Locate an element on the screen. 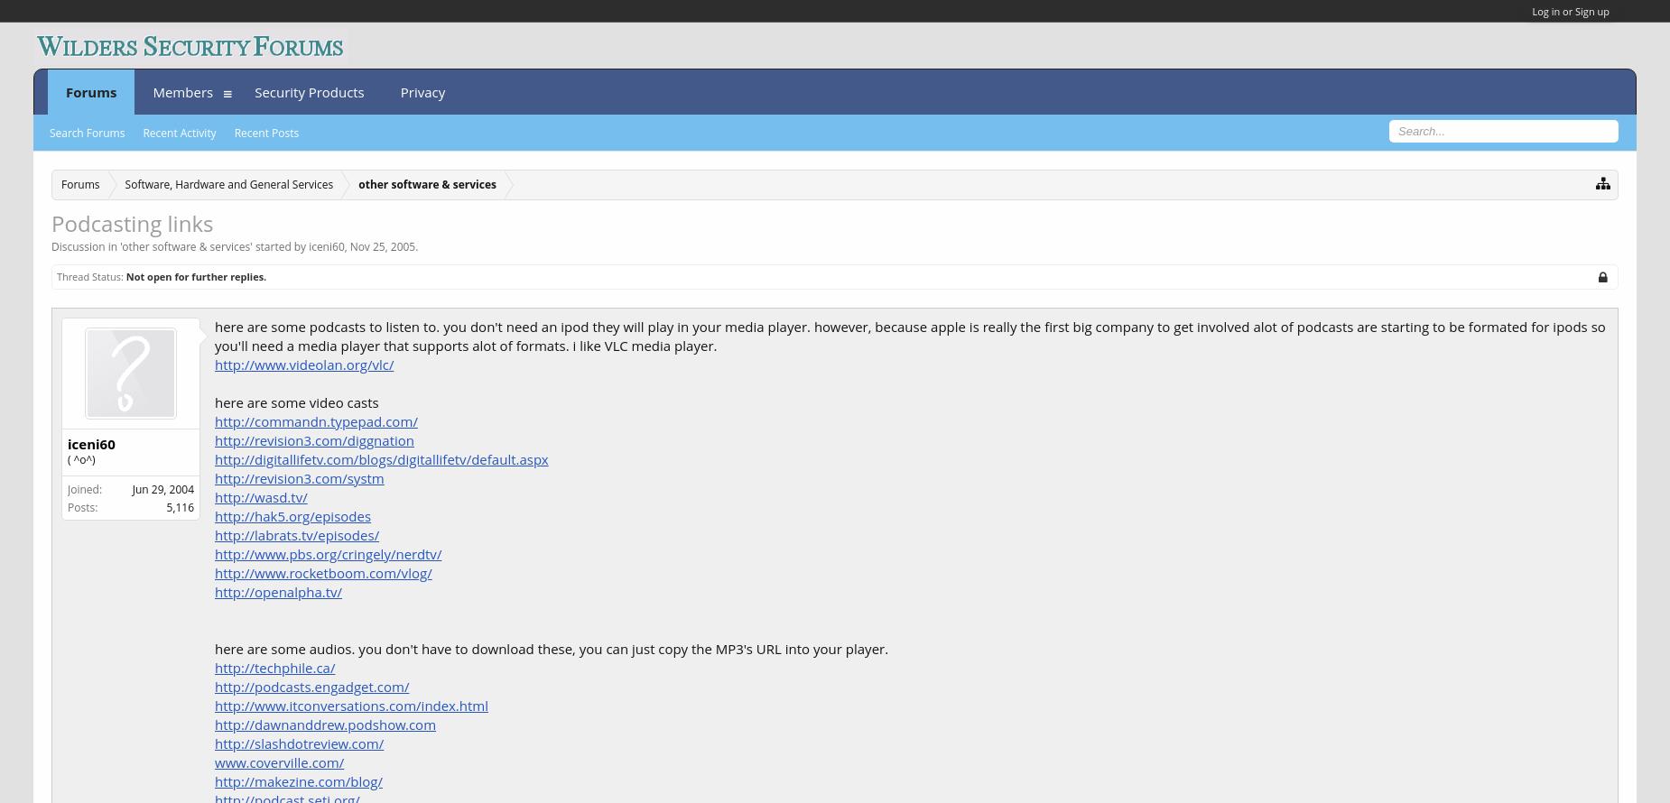 The height and width of the screenshot is (803, 1670). 'http://www.itconversations.com/index.html' is located at coordinates (213, 704).